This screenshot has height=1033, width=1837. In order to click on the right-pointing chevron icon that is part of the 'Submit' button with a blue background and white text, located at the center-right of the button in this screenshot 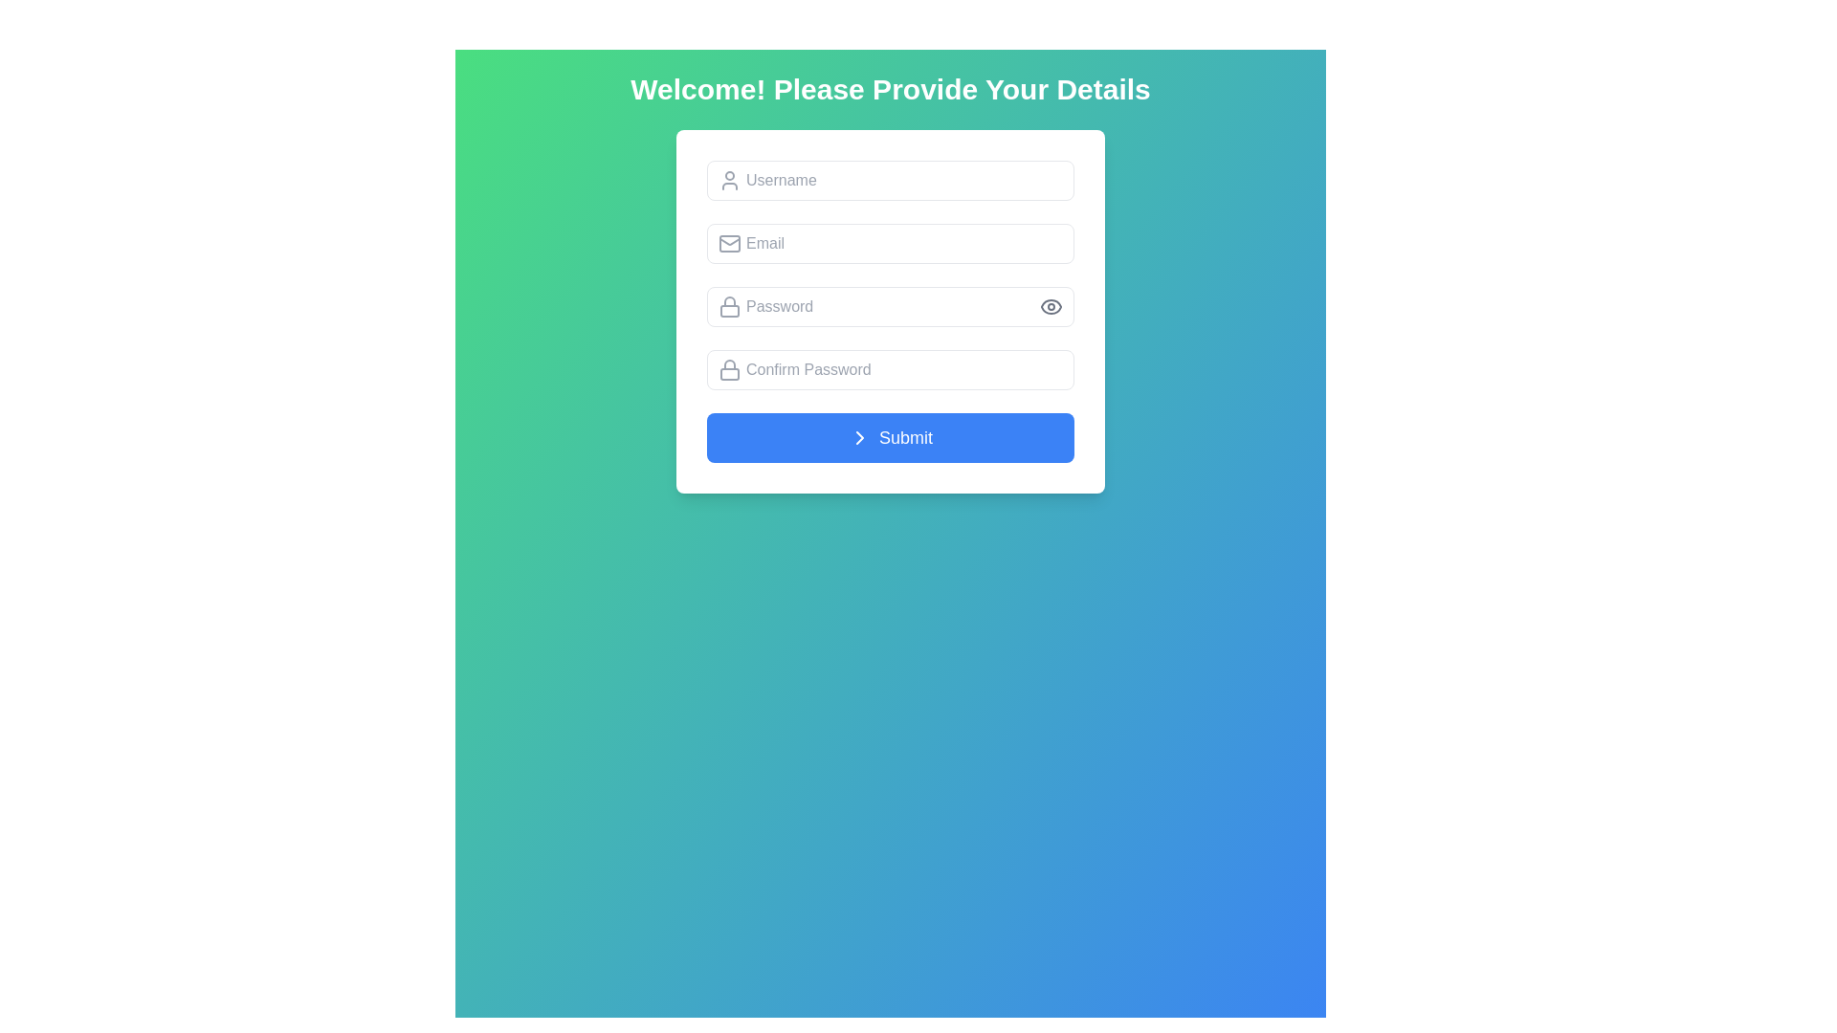, I will do `click(858, 438)`.